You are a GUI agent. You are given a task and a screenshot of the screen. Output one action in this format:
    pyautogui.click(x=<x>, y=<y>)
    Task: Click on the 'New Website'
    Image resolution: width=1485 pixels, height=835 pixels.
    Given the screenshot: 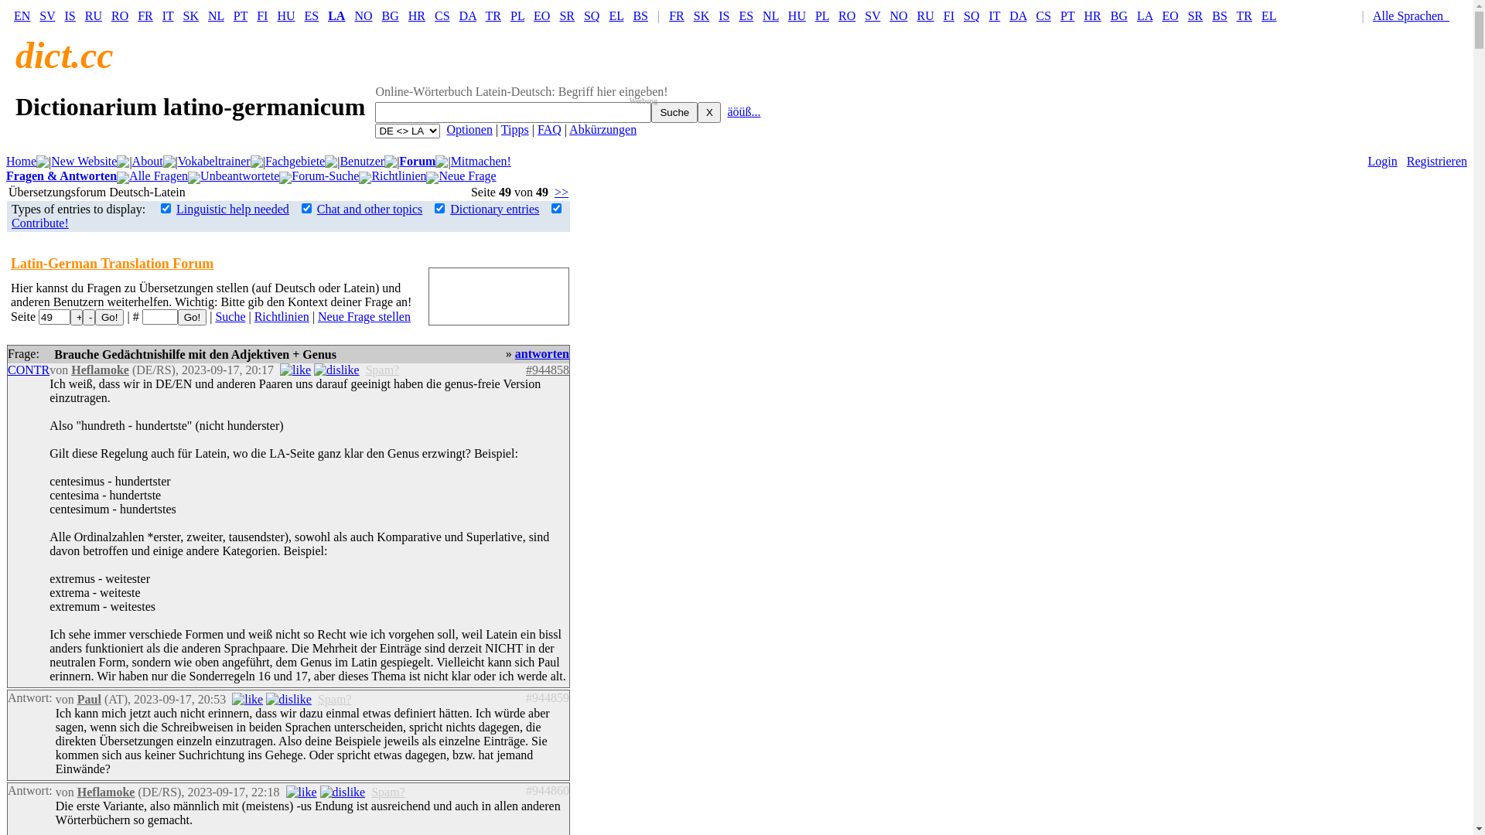 What is the action you would take?
    pyautogui.click(x=51, y=161)
    